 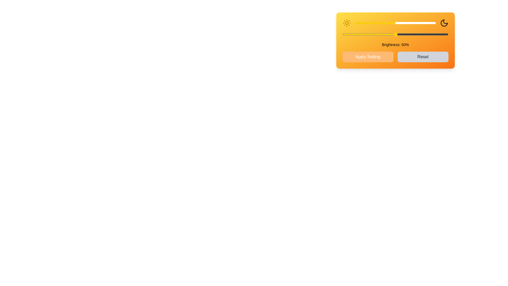 I want to click on the brightness slider to 60%, so click(x=403, y=23).